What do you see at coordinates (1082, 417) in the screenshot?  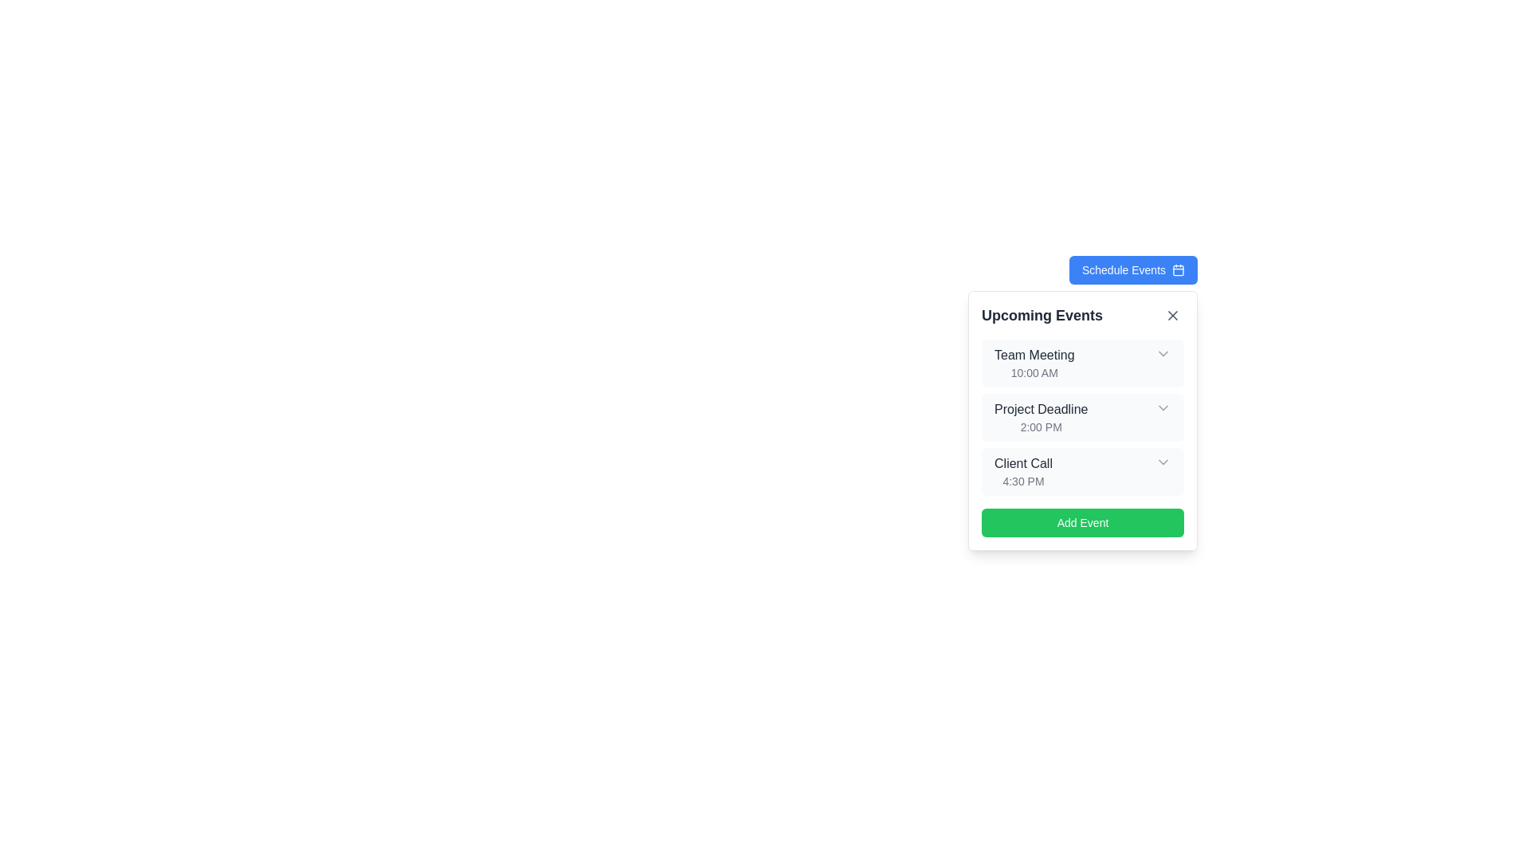 I see `the chevron icon on the 'Project Deadline' list item` at bounding box center [1082, 417].